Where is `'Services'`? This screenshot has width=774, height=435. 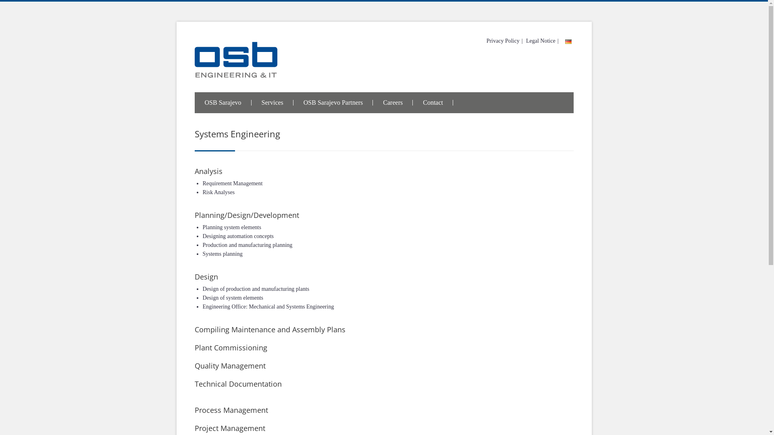 'Services' is located at coordinates (273, 102).